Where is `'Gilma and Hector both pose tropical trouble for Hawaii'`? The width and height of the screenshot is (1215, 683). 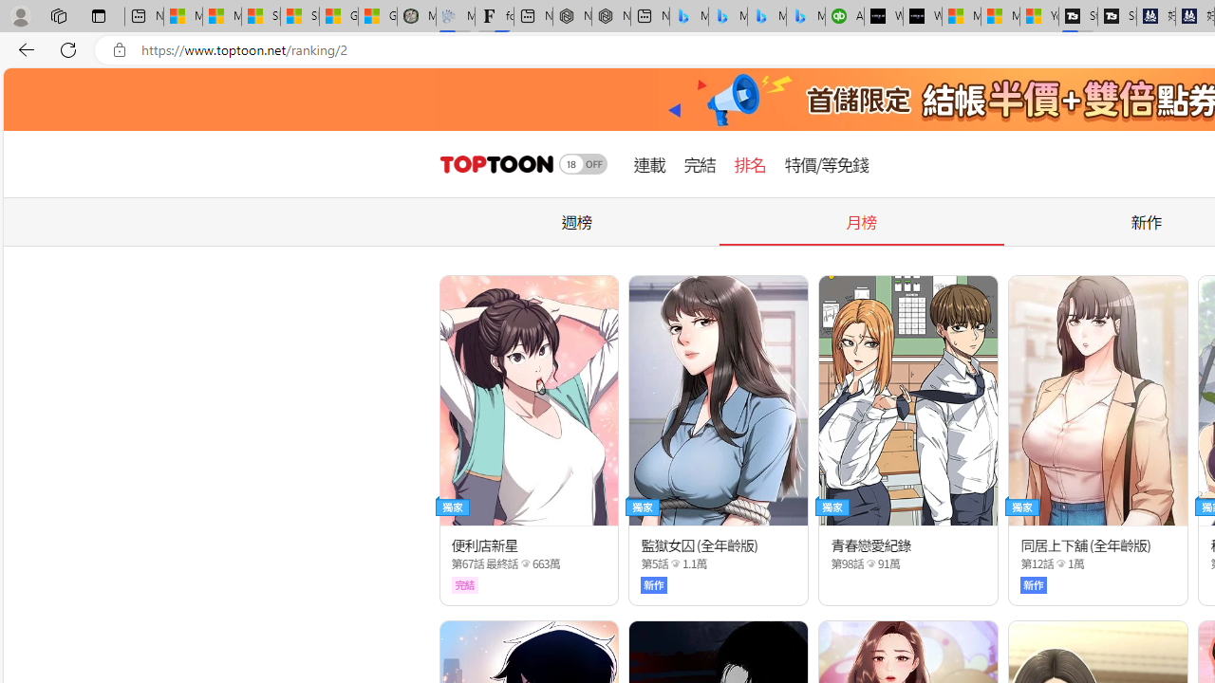 'Gilma and Hector both pose tropical trouble for Hawaii' is located at coordinates (378, 16).